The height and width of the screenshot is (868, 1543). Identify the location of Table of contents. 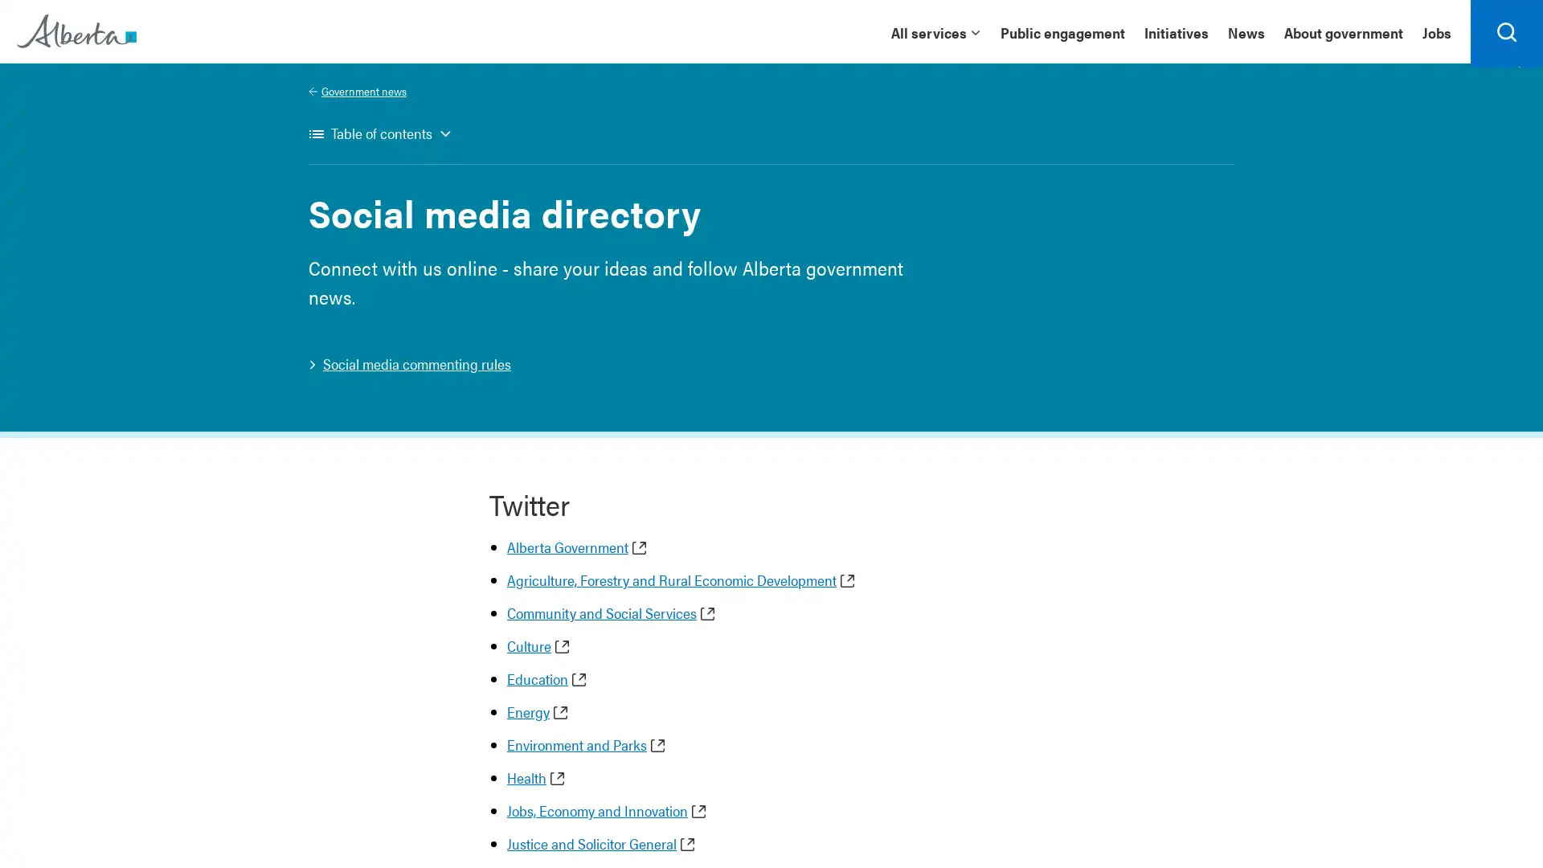
(379, 141).